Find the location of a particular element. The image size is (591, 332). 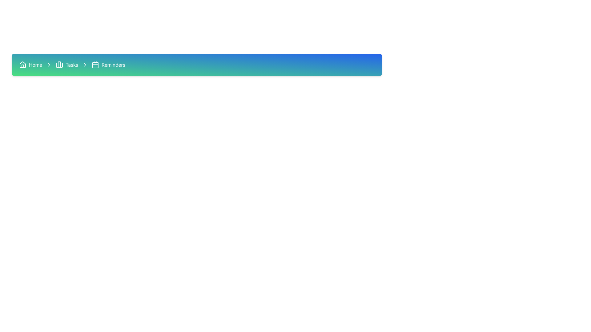

the text label displaying 'Tasks' in the breadcrumb navigation bar, which is styled in white against a gradient background, positioned between the briefcase icon and the text 'Reminders' is located at coordinates (72, 65).